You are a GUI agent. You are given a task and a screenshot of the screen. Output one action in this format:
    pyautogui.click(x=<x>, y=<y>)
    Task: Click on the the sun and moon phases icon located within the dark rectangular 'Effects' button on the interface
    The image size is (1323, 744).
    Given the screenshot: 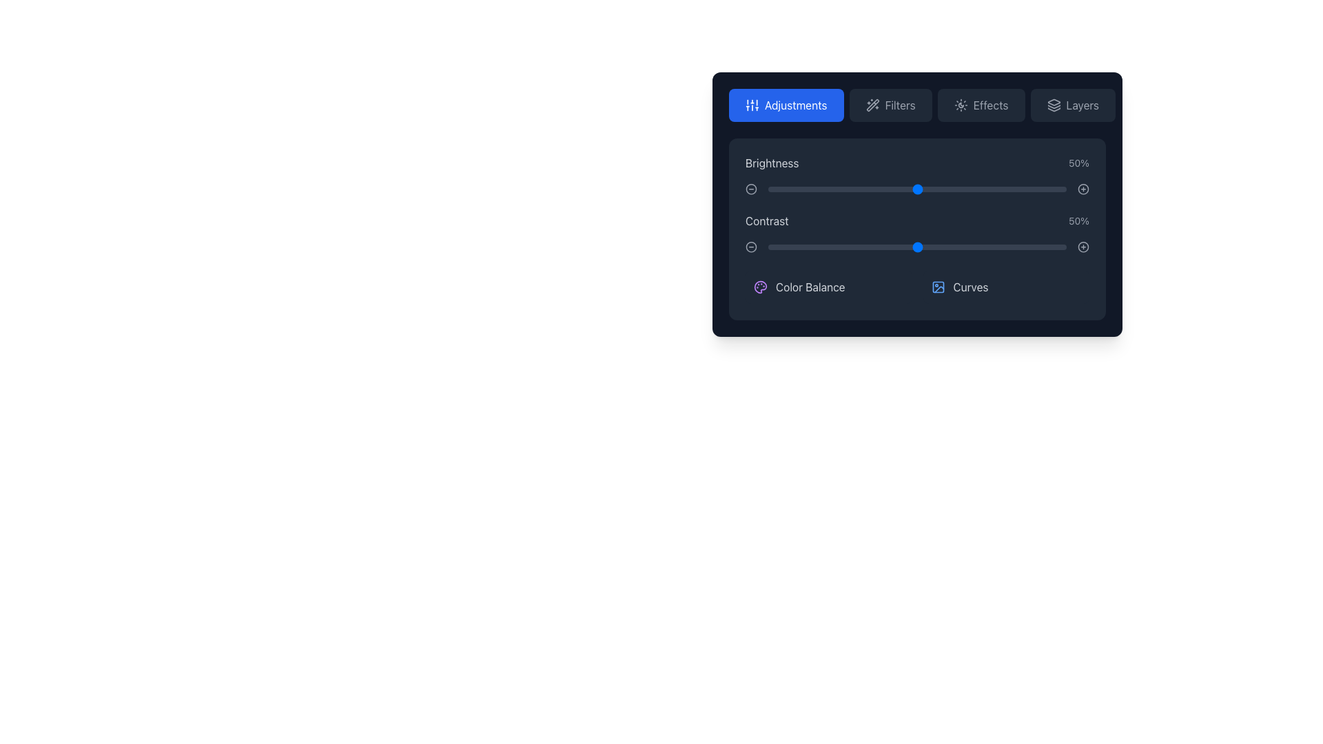 What is the action you would take?
    pyautogui.click(x=960, y=105)
    